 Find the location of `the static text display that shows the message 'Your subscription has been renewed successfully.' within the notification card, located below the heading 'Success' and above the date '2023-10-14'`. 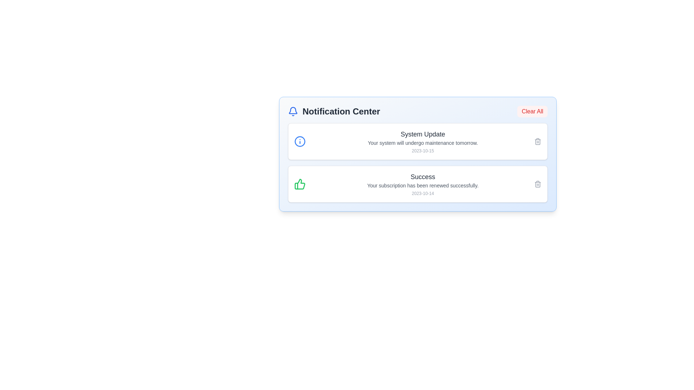

the static text display that shows the message 'Your subscription has been renewed successfully.' within the notification card, located below the heading 'Success' and above the date '2023-10-14' is located at coordinates (423, 185).